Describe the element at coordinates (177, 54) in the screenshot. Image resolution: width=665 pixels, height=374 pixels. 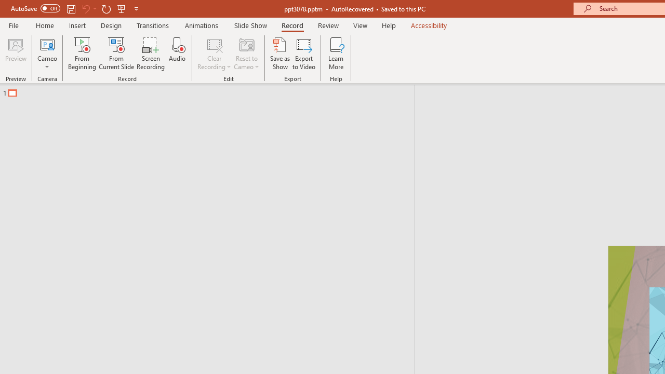
I see `'Audio'` at that location.